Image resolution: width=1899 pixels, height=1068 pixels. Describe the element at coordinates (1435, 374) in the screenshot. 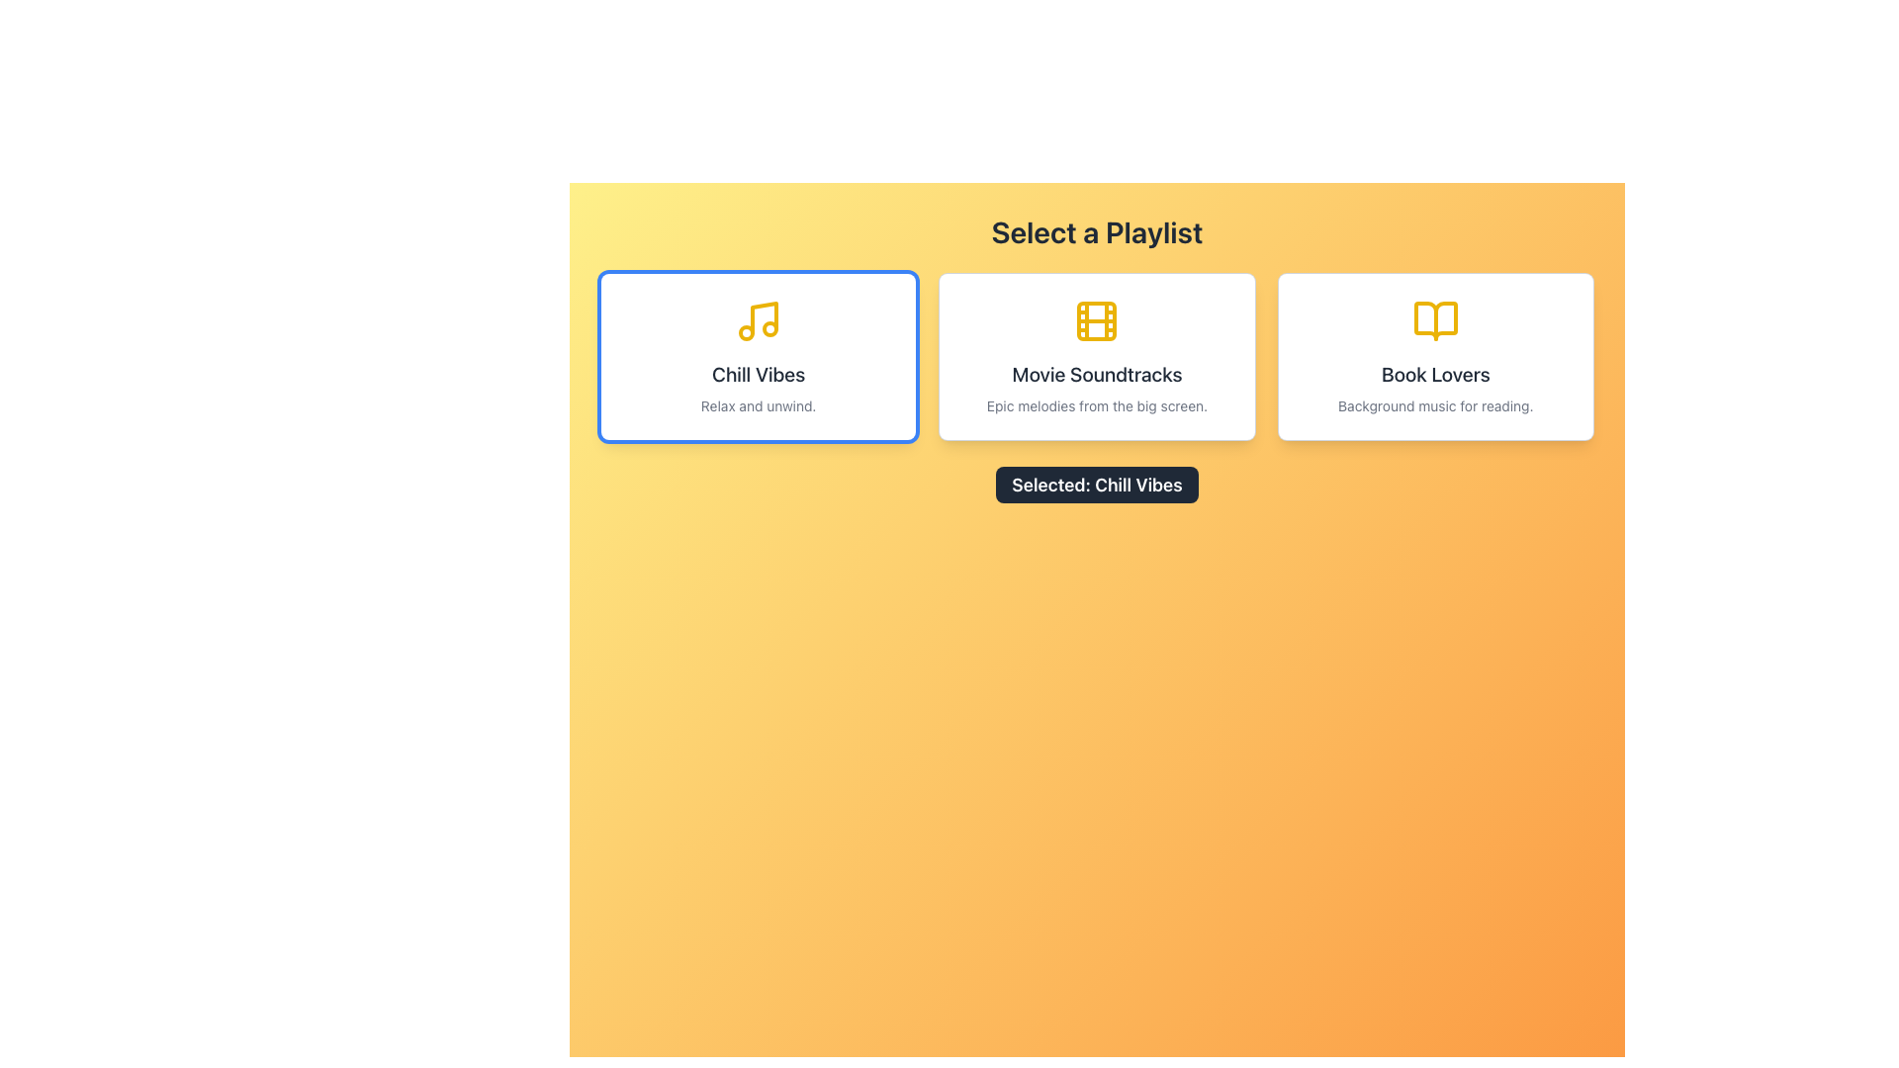

I see `the text label in the rightmost card that indicates the topic or category, located below the book icon and above the descriptive text 'Background music for reading.'` at that location.